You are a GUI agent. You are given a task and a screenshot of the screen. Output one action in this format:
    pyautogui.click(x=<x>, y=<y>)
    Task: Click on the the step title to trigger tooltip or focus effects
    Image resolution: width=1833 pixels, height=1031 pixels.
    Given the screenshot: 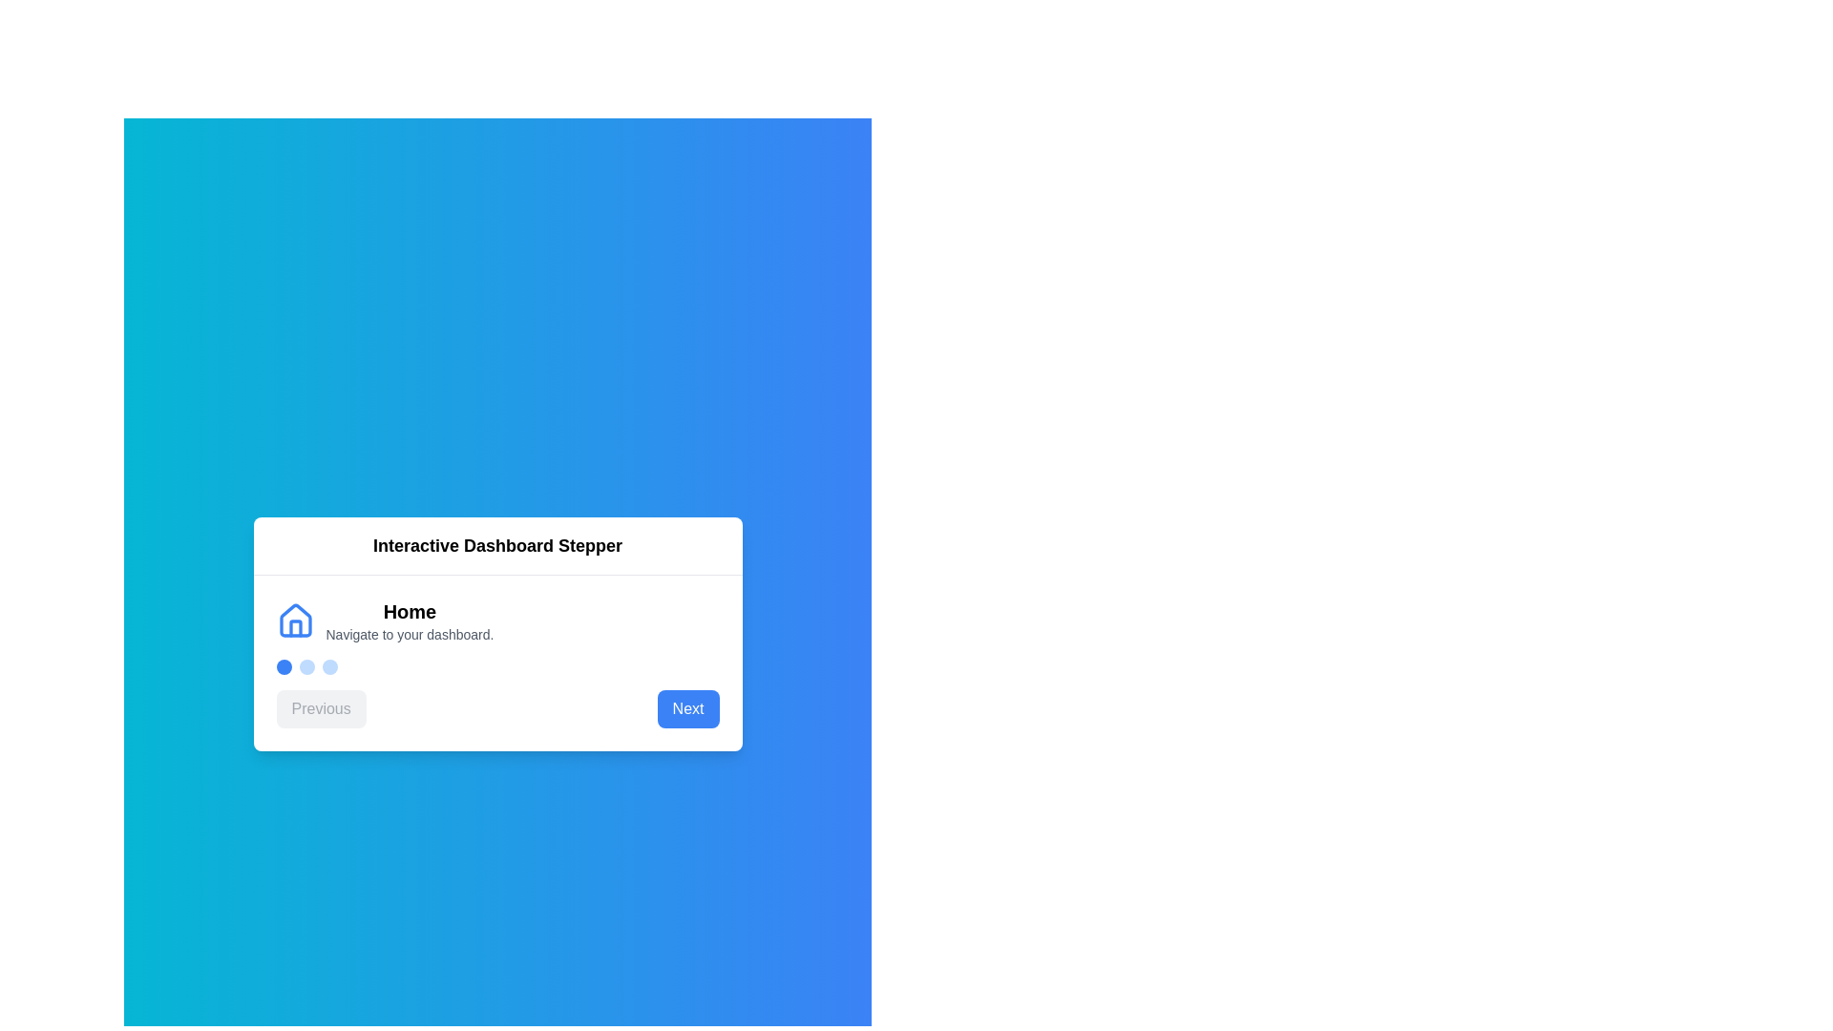 What is the action you would take?
    pyautogui.click(x=408, y=611)
    